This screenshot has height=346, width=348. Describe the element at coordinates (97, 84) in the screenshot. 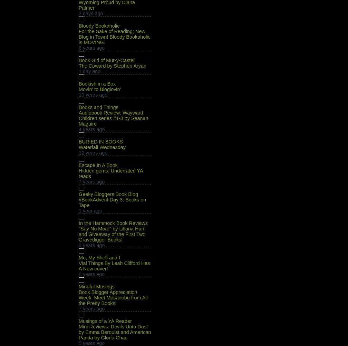

I see `'Bookish in a Box'` at that location.